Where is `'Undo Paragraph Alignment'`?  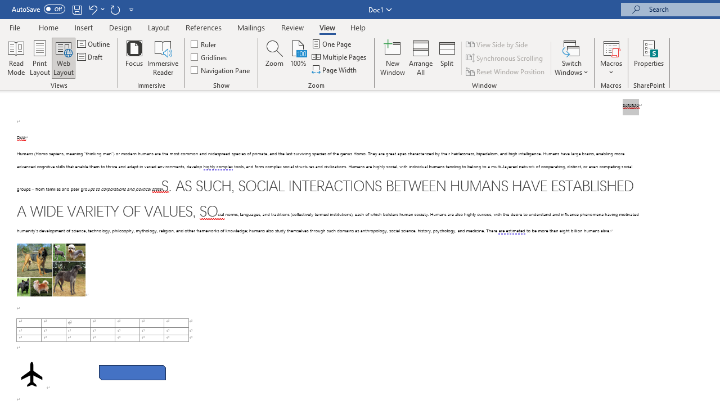
'Undo Paragraph Alignment' is located at coordinates (92, 9).